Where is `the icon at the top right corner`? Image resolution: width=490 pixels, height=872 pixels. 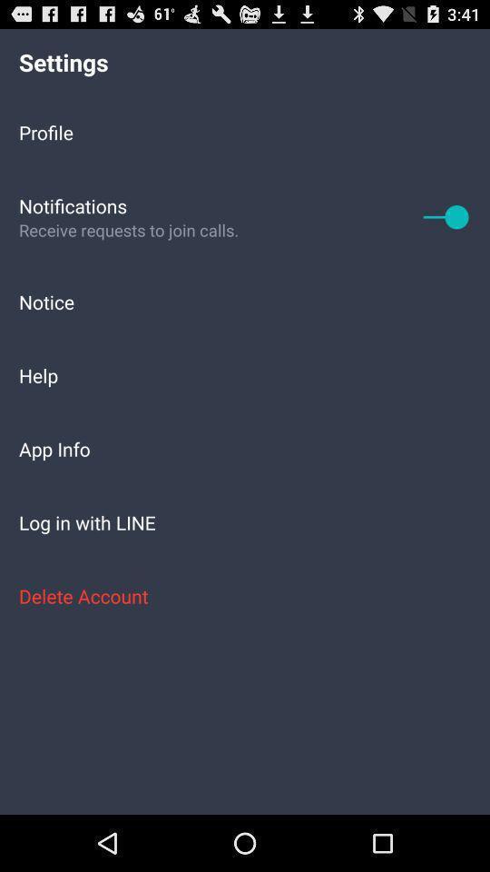 the icon at the top right corner is located at coordinates (446, 216).